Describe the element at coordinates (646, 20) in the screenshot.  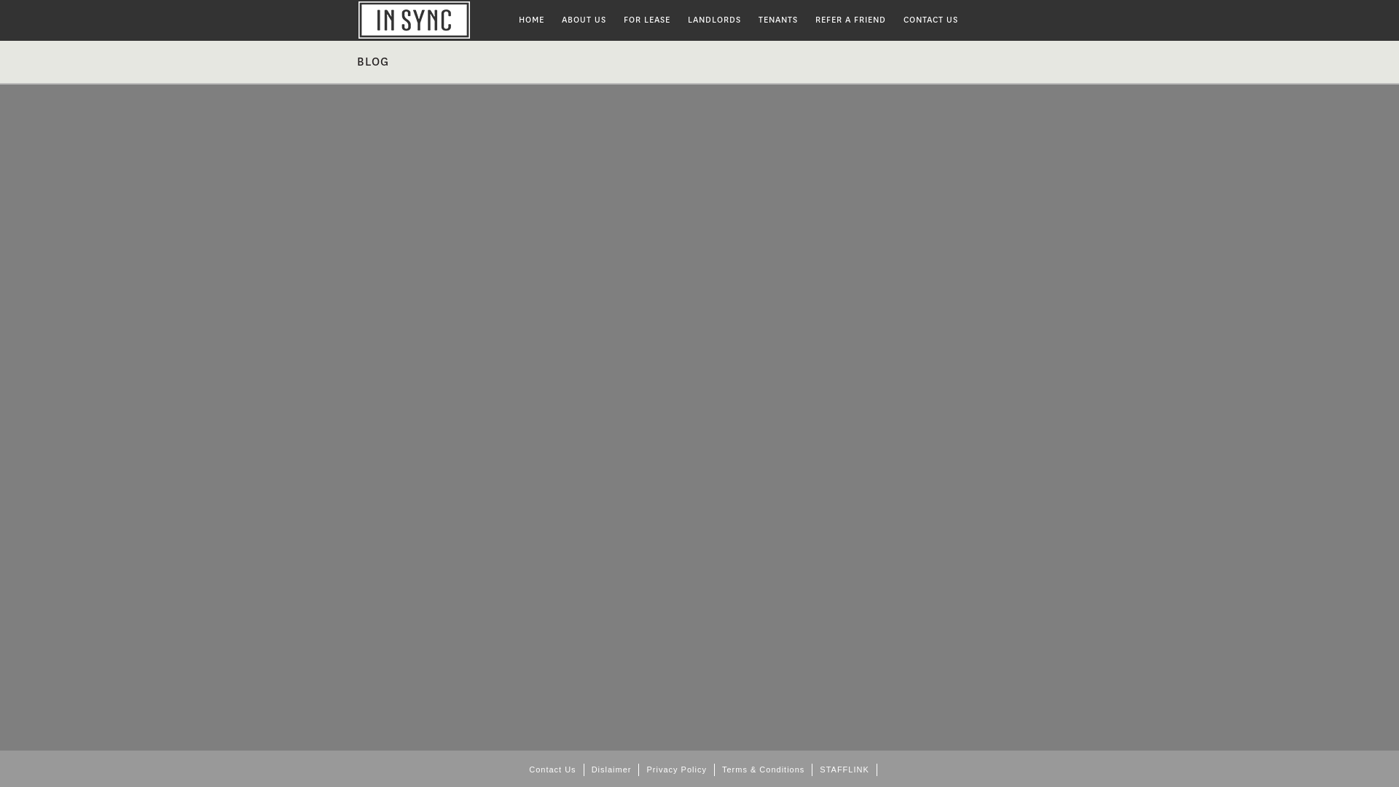
I see `'FOR LEASE'` at that location.